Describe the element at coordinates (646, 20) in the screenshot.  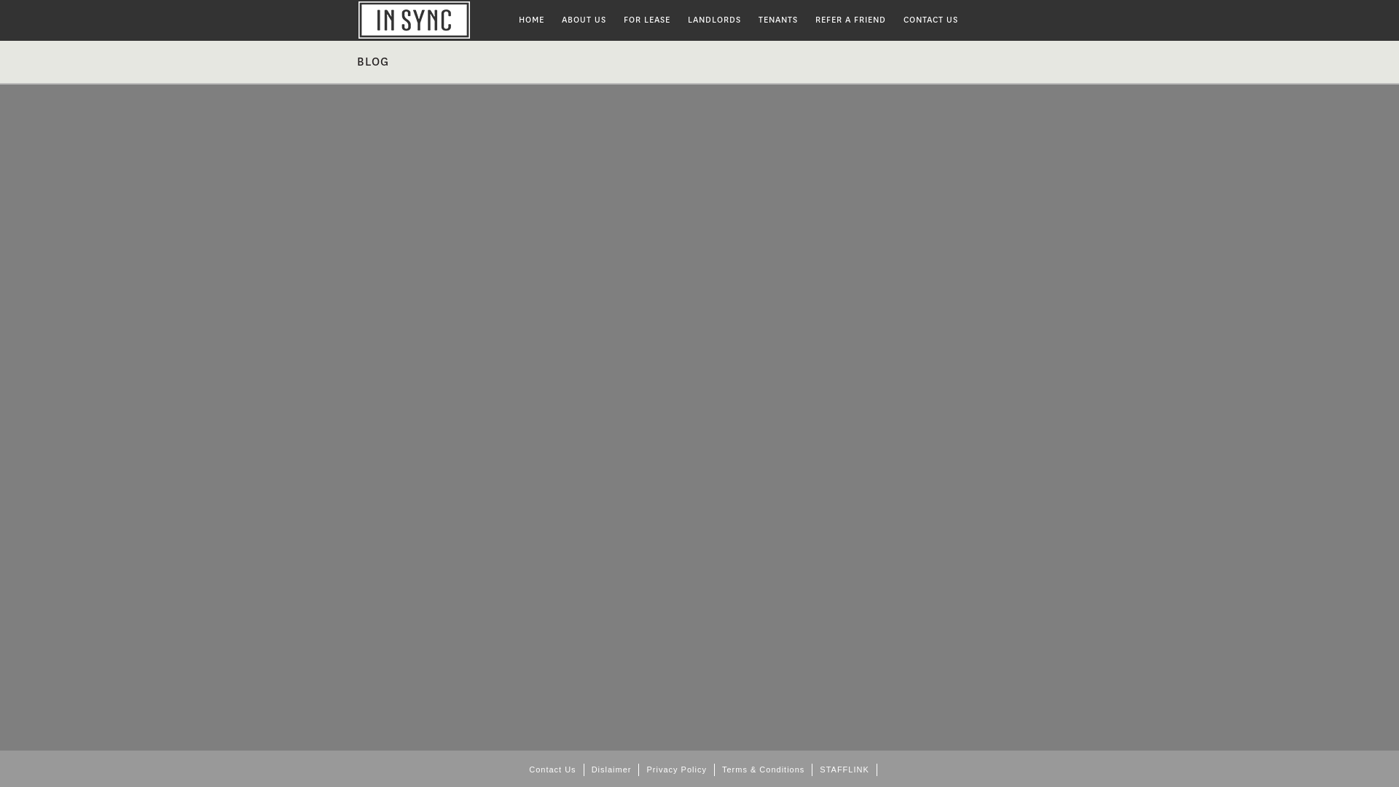
I see `'FOR LEASE'` at that location.